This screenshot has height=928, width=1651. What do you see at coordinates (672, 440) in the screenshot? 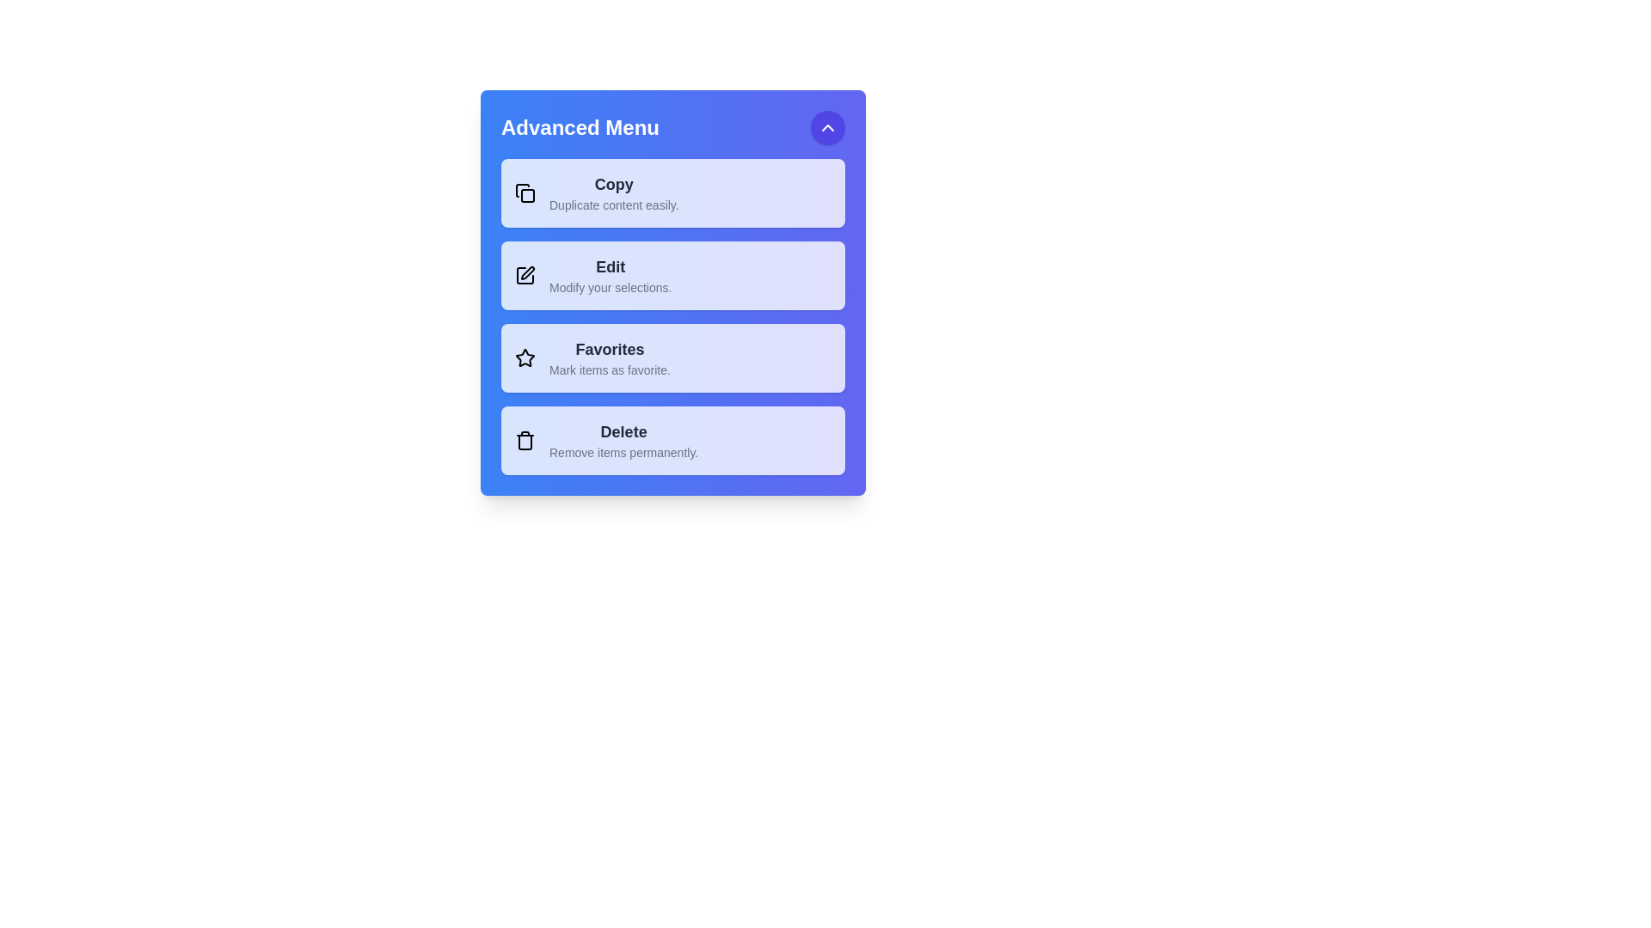
I see `the menu item Delete from the AdvancedInteractiveMenu` at bounding box center [672, 440].